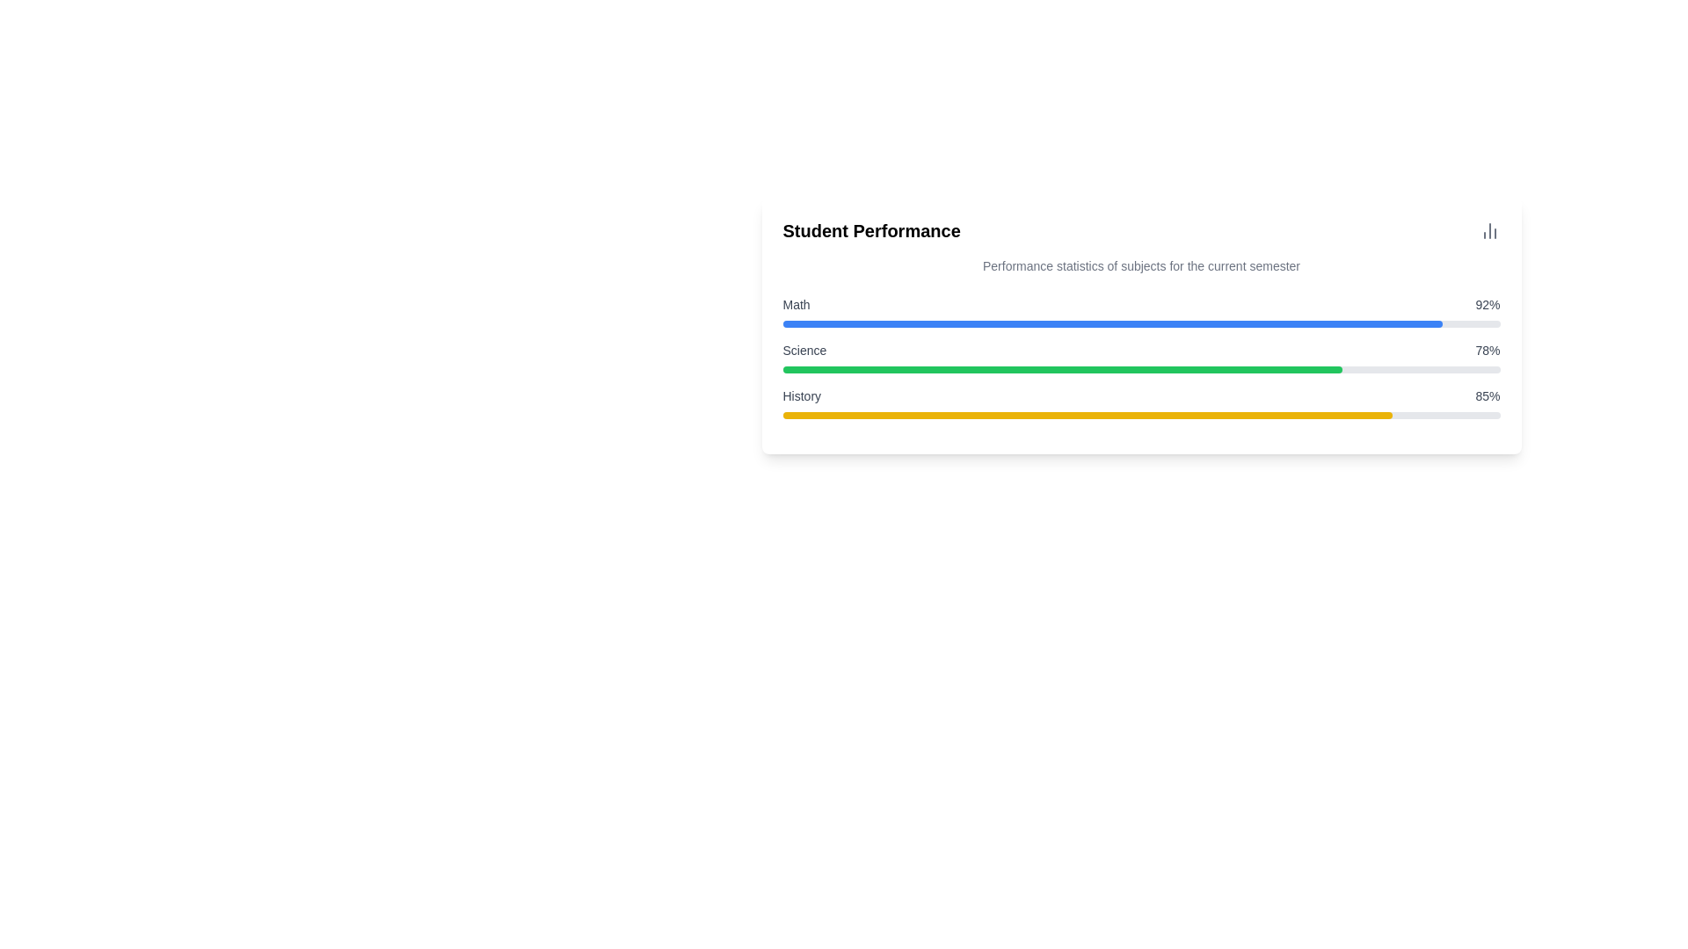 The width and height of the screenshot is (1688, 949). Describe the element at coordinates (1487, 396) in the screenshot. I see `displayed value of the text label showing '85%' located to the right of a yellow horizontal bar in the 'History' row of performance indicators` at that location.